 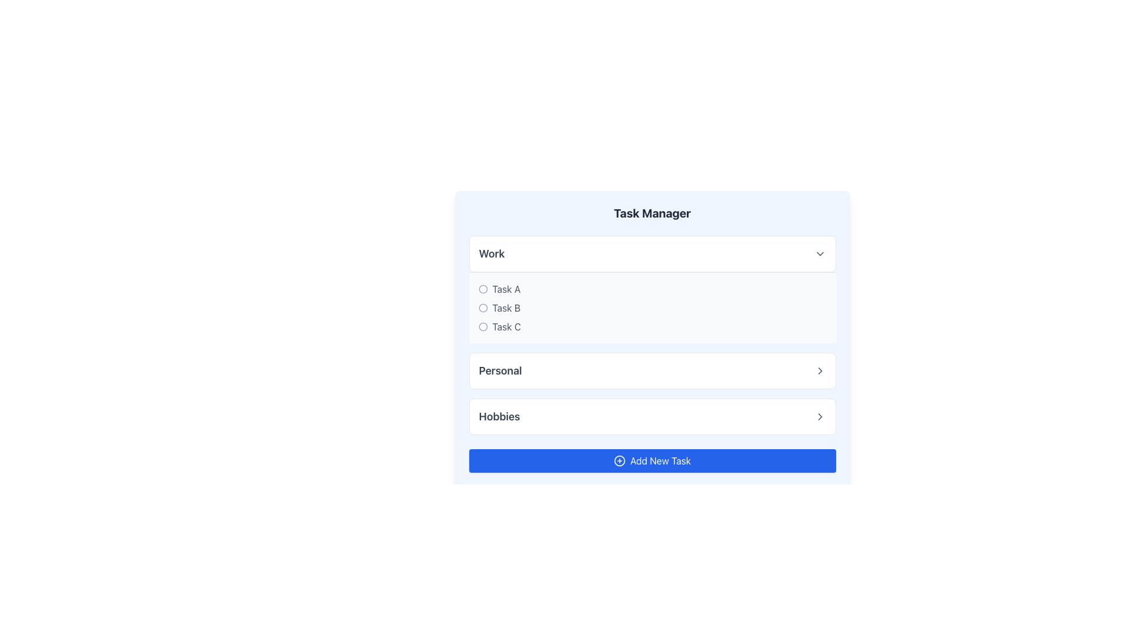 What do you see at coordinates (483, 326) in the screenshot?
I see `the circular radio button located to the left of the 'Task C' label` at bounding box center [483, 326].